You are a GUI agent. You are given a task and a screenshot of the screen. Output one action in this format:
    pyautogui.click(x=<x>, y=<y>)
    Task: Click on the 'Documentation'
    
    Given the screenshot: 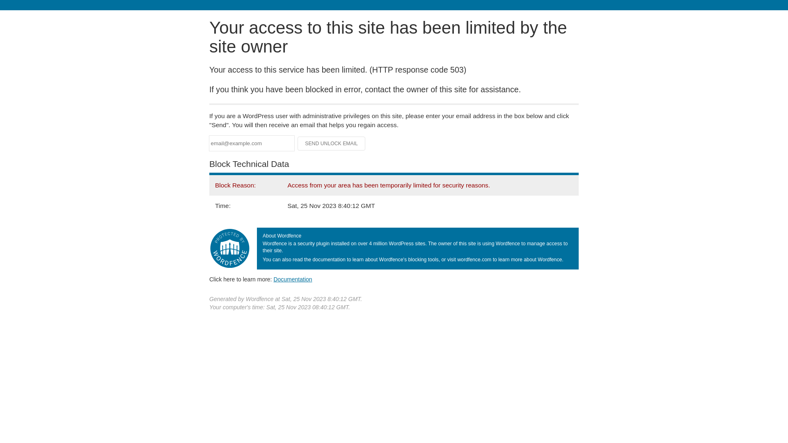 What is the action you would take?
    pyautogui.click(x=293, y=279)
    